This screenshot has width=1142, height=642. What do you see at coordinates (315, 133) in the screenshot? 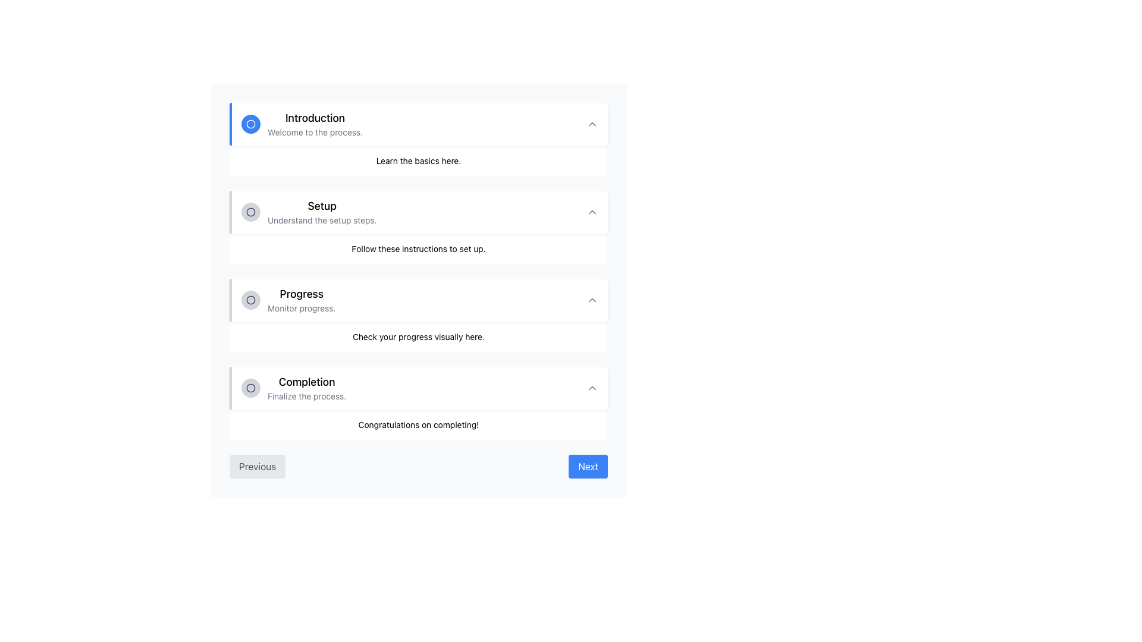
I see `the Text Label located directly below the 'Introduction' heading in the first section of the interface, aligned with the left side of the section` at bounding box center [315, 133].